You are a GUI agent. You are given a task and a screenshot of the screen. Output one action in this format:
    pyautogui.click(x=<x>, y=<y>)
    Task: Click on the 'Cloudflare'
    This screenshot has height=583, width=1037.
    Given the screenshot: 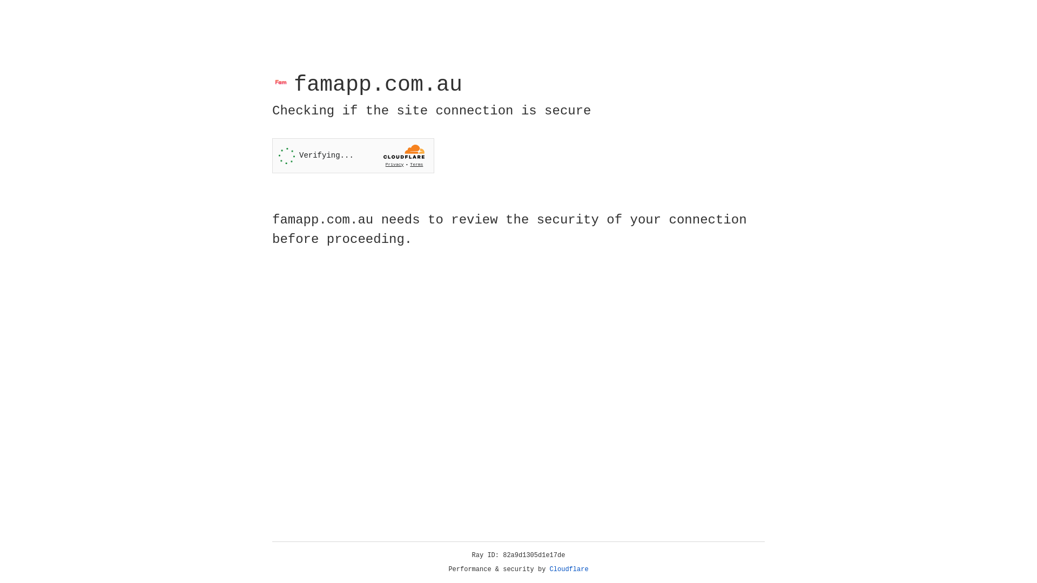 What is the action you would take?
    pyautogui.click(x=569, y=569)
    